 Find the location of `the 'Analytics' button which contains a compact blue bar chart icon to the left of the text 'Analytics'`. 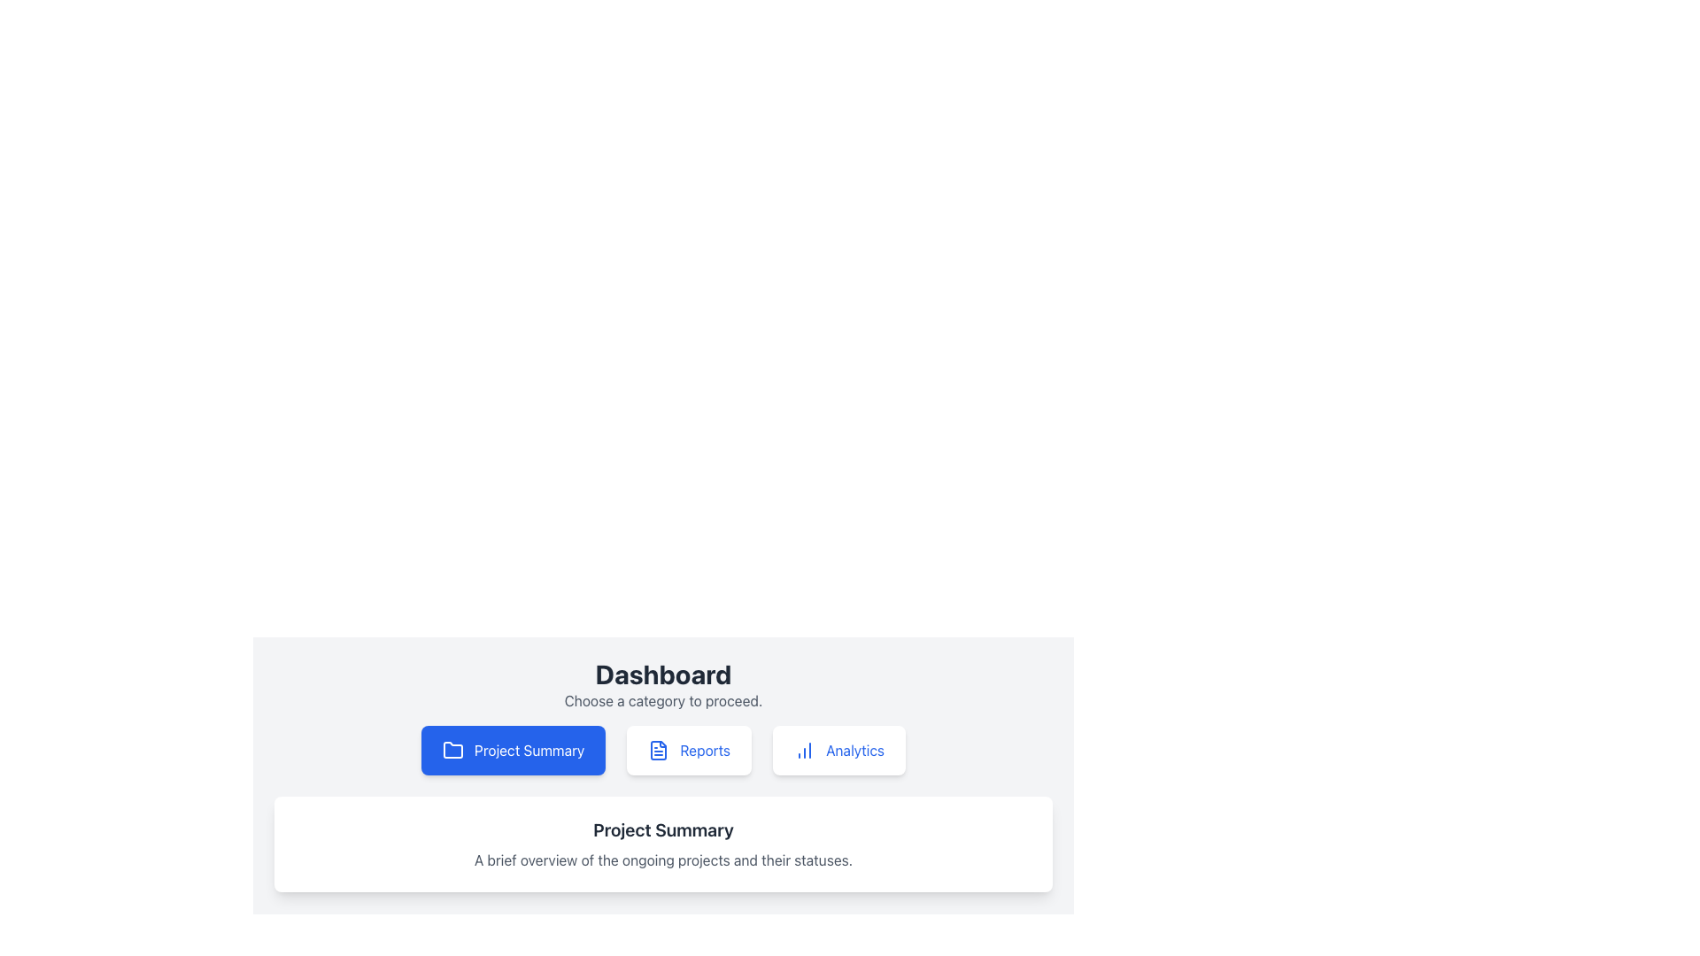

the 'Analytics' button which contains a compact blue bar chart icon to the left of the text 'Analytics' is located at coordinates (804, 751).